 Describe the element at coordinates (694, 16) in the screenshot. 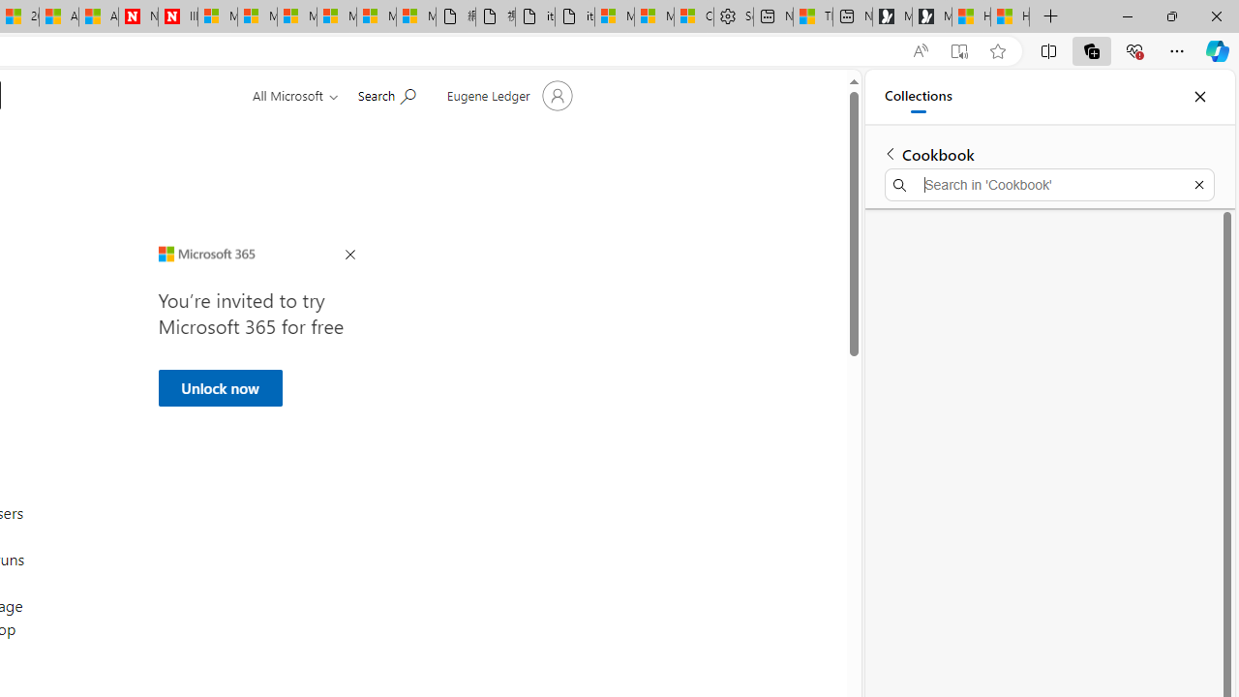

I see `'Consumer Health Data Privacy Policy'` at that location.